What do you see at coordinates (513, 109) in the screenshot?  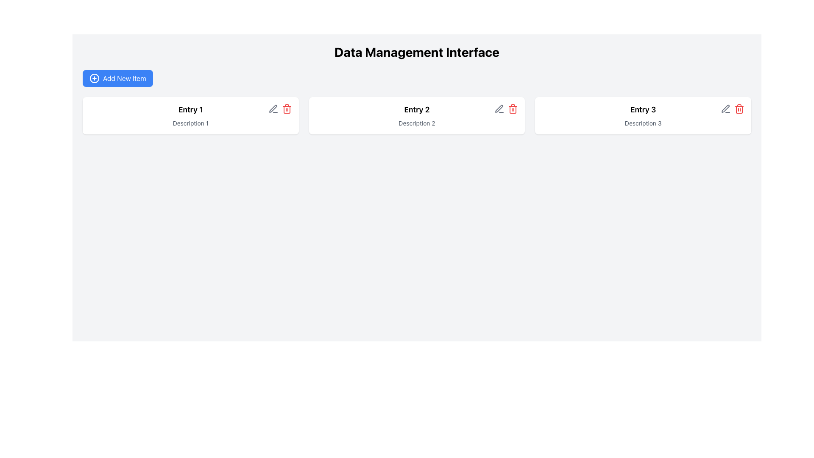 I see `the rectangular graphical representation inside the red-colored trash icon located in the second card labeled 'Entry 2', adjacent to the 'edit' pencil icon` at bounding box center [513, 109].